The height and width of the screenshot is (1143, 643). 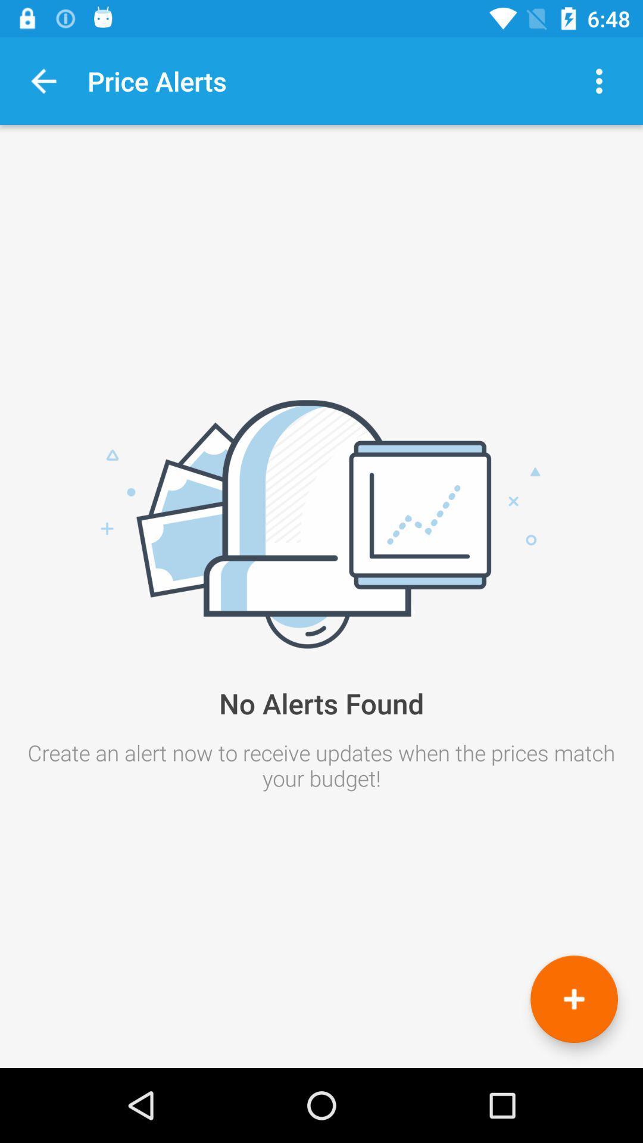 I want to click on go back, so click(x=43, y=80).